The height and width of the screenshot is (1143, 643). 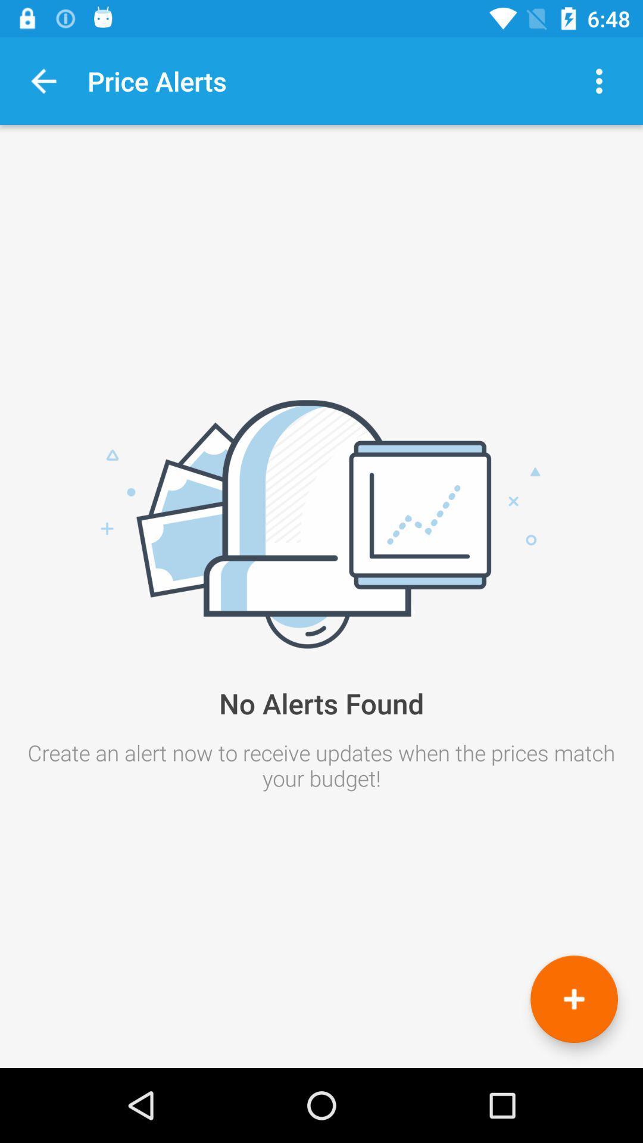 I want to click on go back, so click(x=43, y=80).